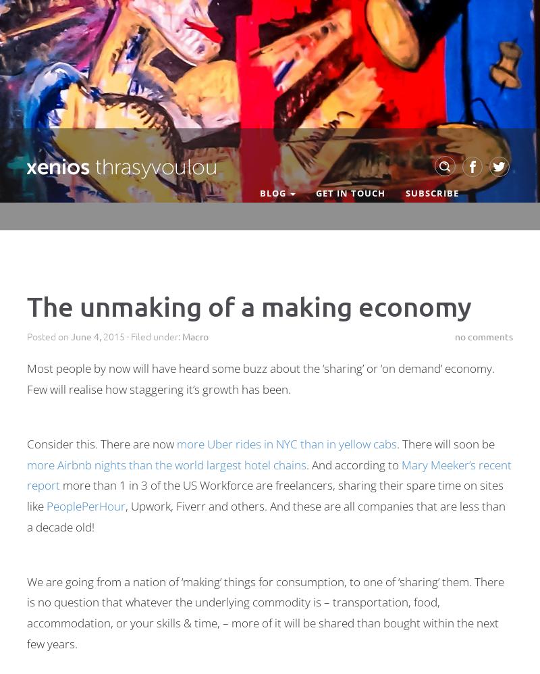  Describe the element at coordinates (259, 192) in the screenshot. I see `'Blog'` at that location.